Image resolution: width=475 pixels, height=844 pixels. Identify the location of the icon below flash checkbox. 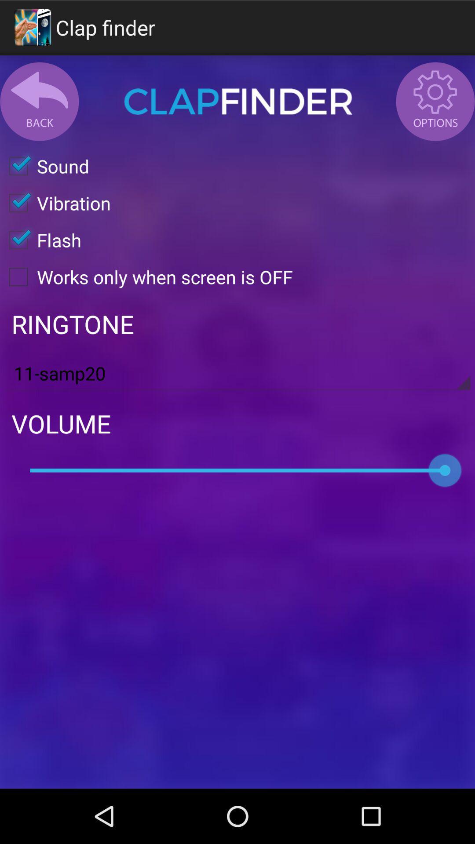
(146, 276).